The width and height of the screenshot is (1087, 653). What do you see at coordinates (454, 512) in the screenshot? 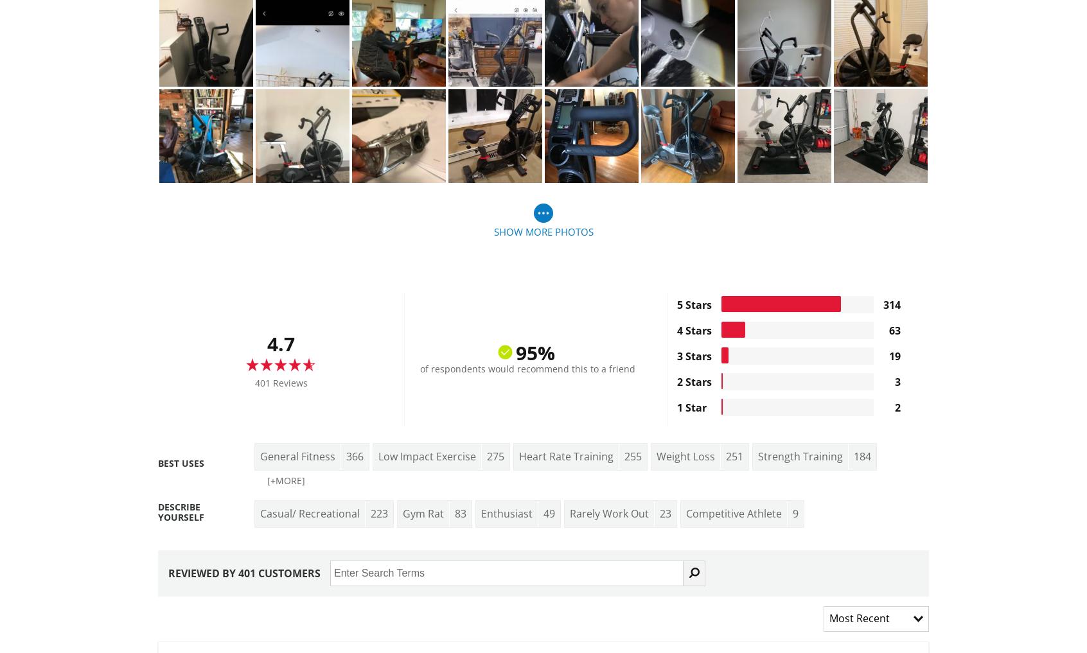
I see `'83'` at bounding box center [454, 512].